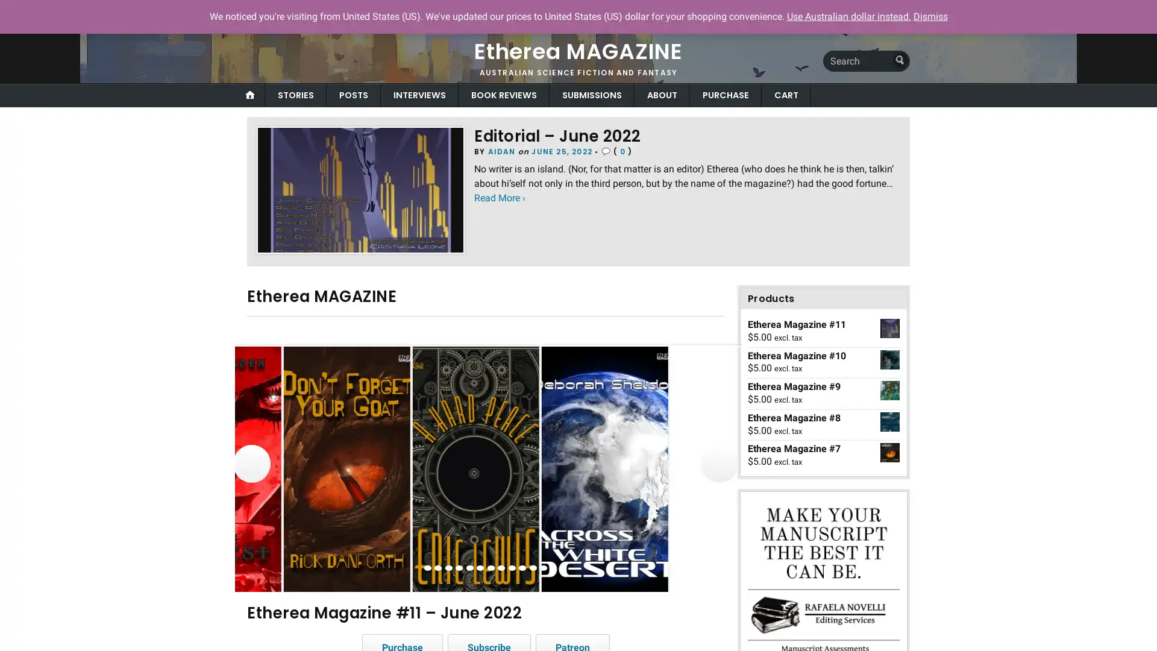  What do you see at coordinates (468, 567) in the screenshot?
I see `view image 5 of 12 in carousel` at bounding box center [468, 567].